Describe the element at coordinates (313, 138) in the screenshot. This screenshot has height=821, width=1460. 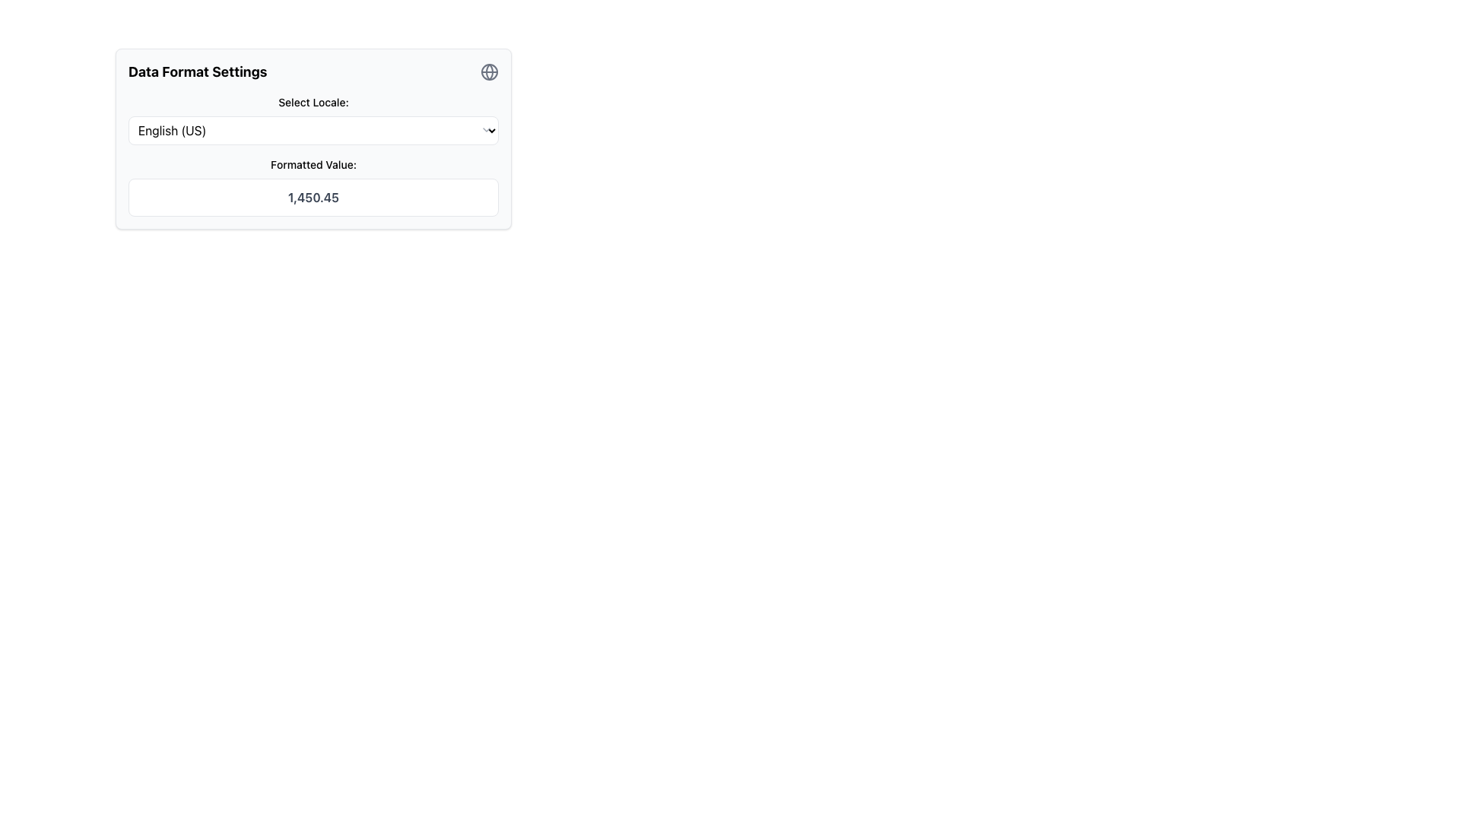
I see `formatted value from the Data Format Settings configuration panel, which is located below the dropdown and above the formatted value field` at that location.